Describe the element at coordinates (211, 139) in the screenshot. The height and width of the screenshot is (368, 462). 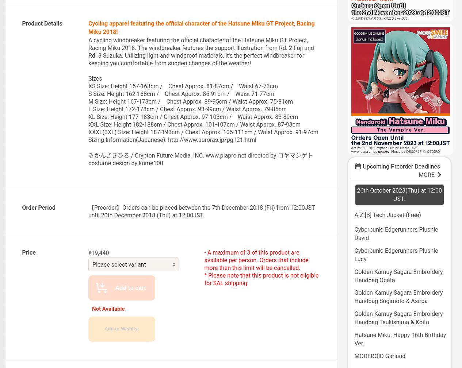
I see `'http://www.auroras.jp/pg121.html'` at that location.